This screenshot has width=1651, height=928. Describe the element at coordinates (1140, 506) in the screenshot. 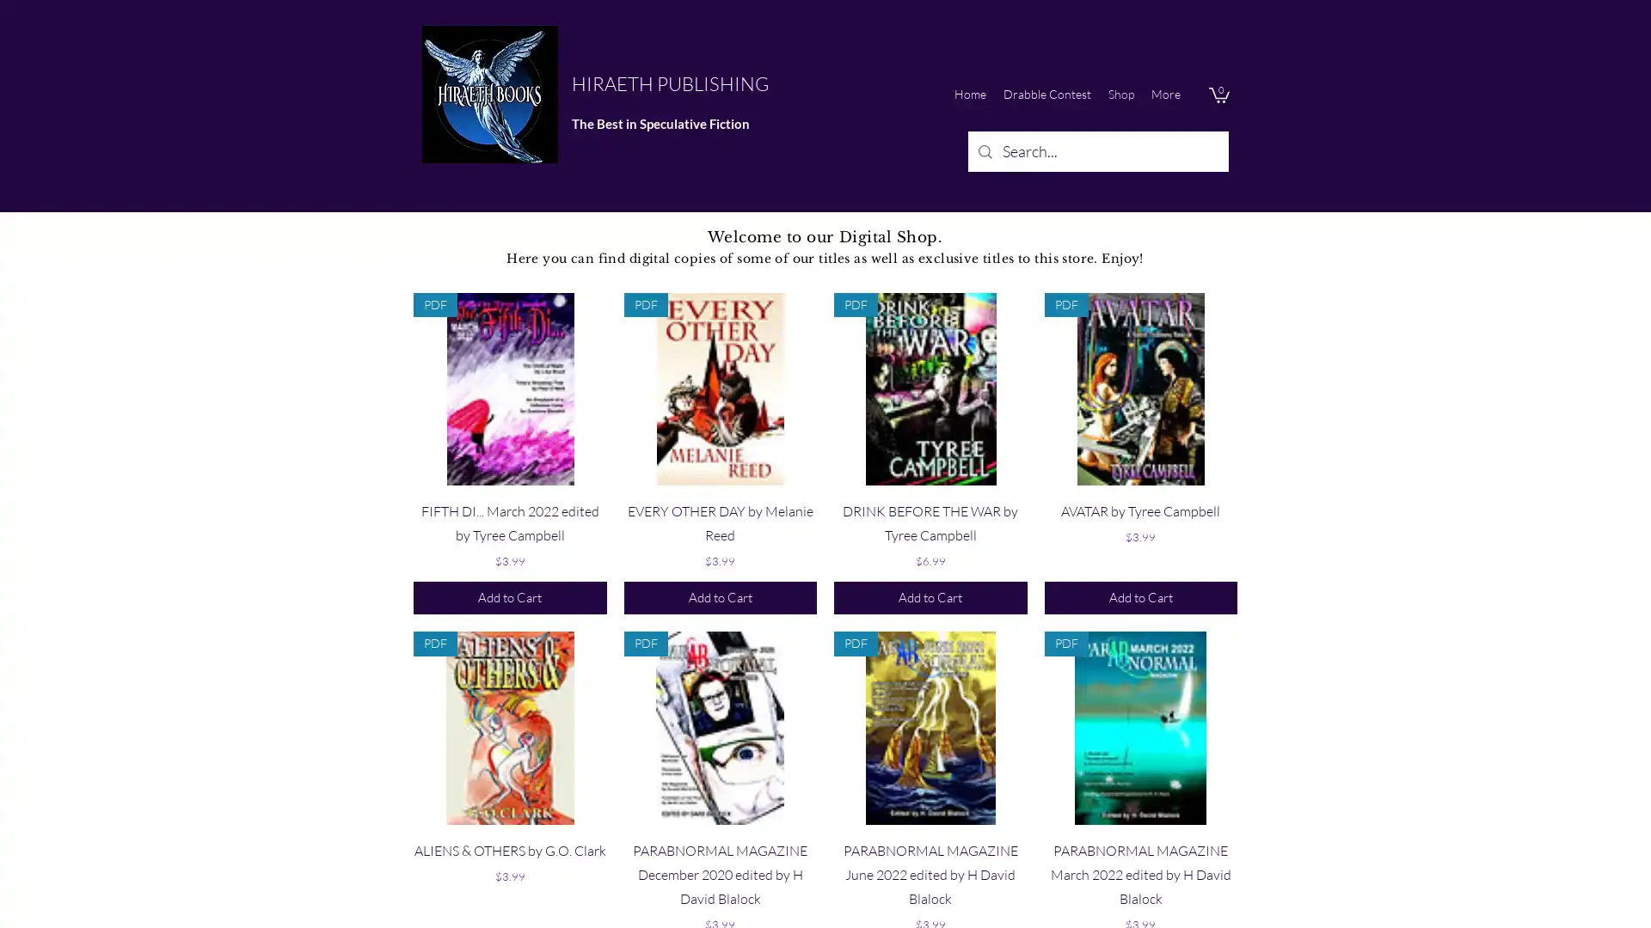

I see `Quick View` at that location.